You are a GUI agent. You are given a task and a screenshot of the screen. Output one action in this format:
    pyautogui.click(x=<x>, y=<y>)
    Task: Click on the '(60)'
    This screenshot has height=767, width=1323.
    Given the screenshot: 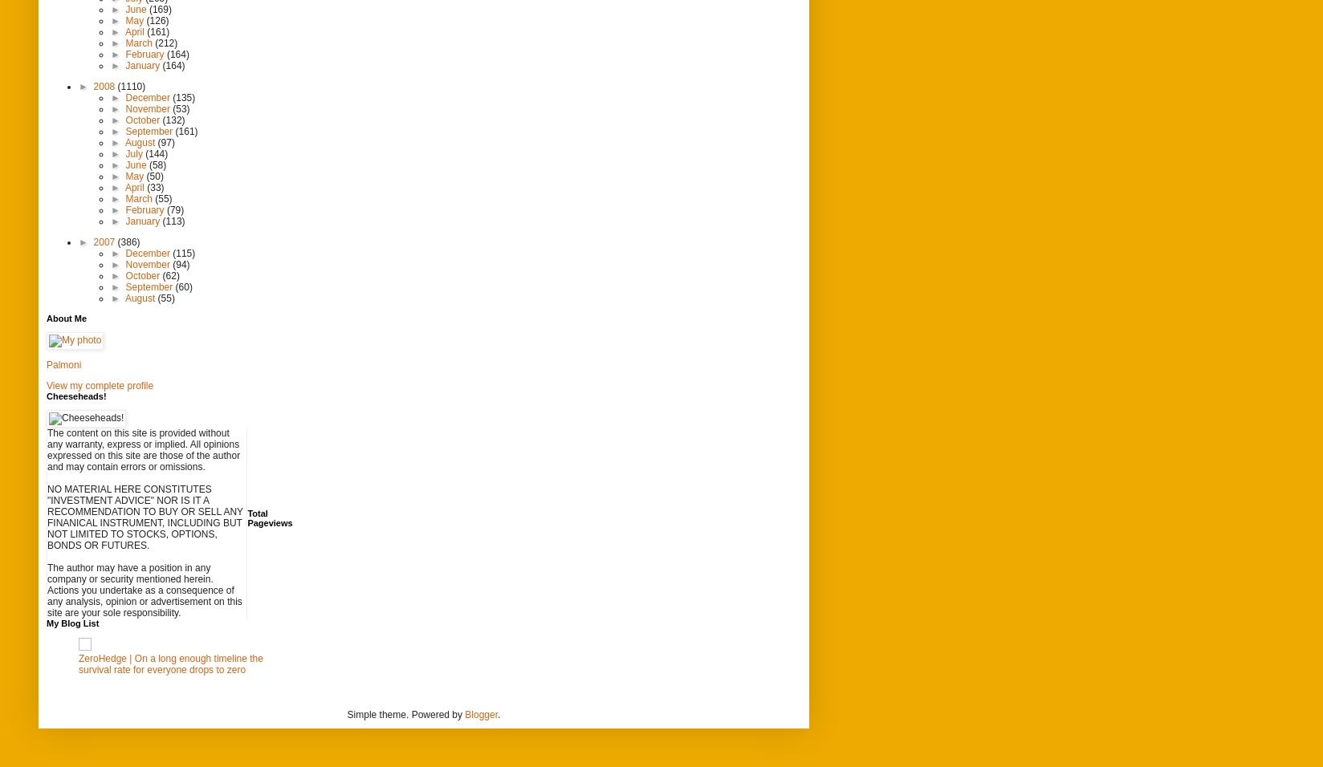 What is the action you would take?
    pyautogui.click(x=182, y=285)
    